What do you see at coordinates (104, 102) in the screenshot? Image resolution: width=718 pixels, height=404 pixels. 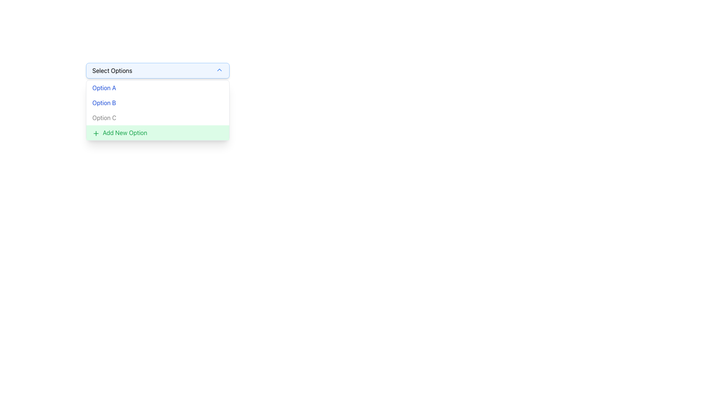 I see `the second option in the dropdown menu` at bounding box center [104, 102].